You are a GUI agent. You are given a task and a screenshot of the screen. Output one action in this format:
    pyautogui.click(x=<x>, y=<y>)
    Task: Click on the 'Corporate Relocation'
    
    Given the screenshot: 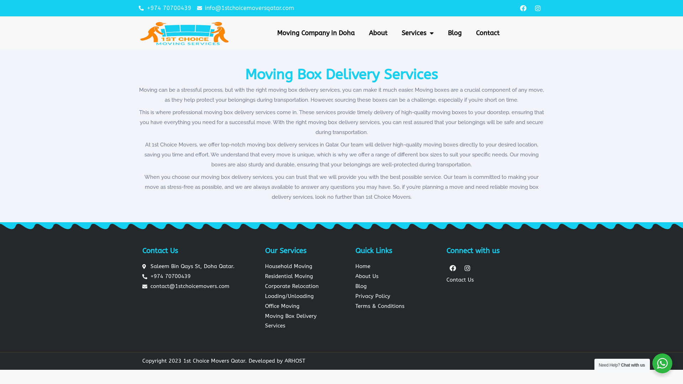 What is the action you would take?
    pyautogui.click(x=301, y=286)
    